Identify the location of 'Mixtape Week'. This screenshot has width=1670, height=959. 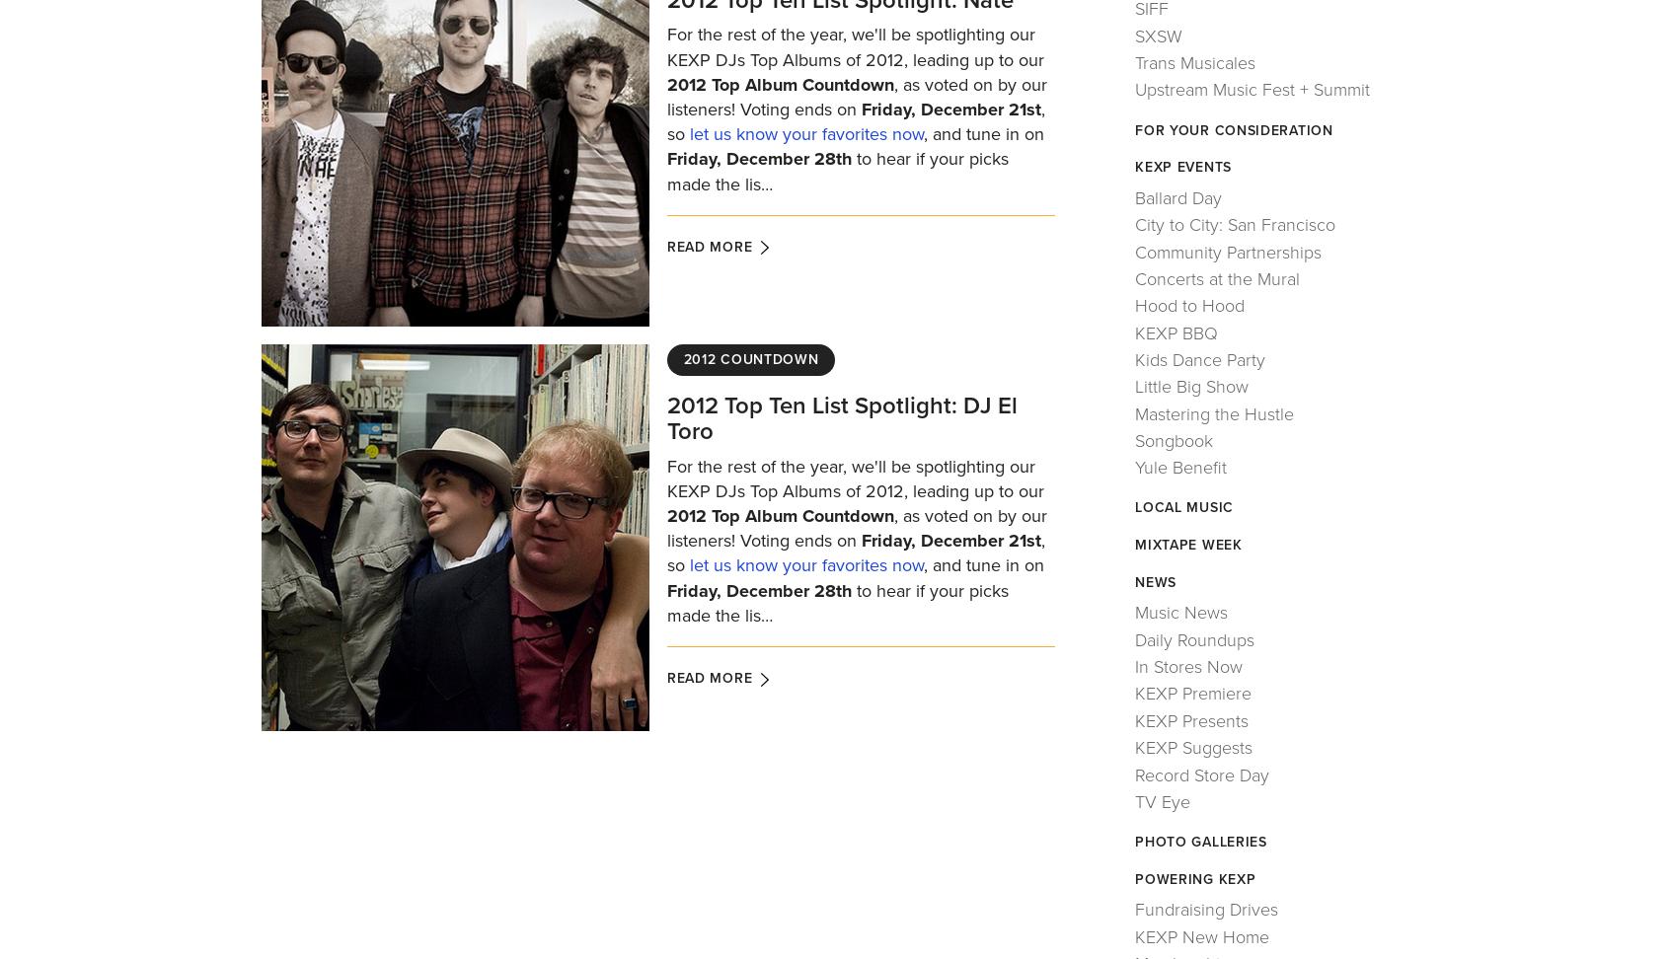
(1188, 544).